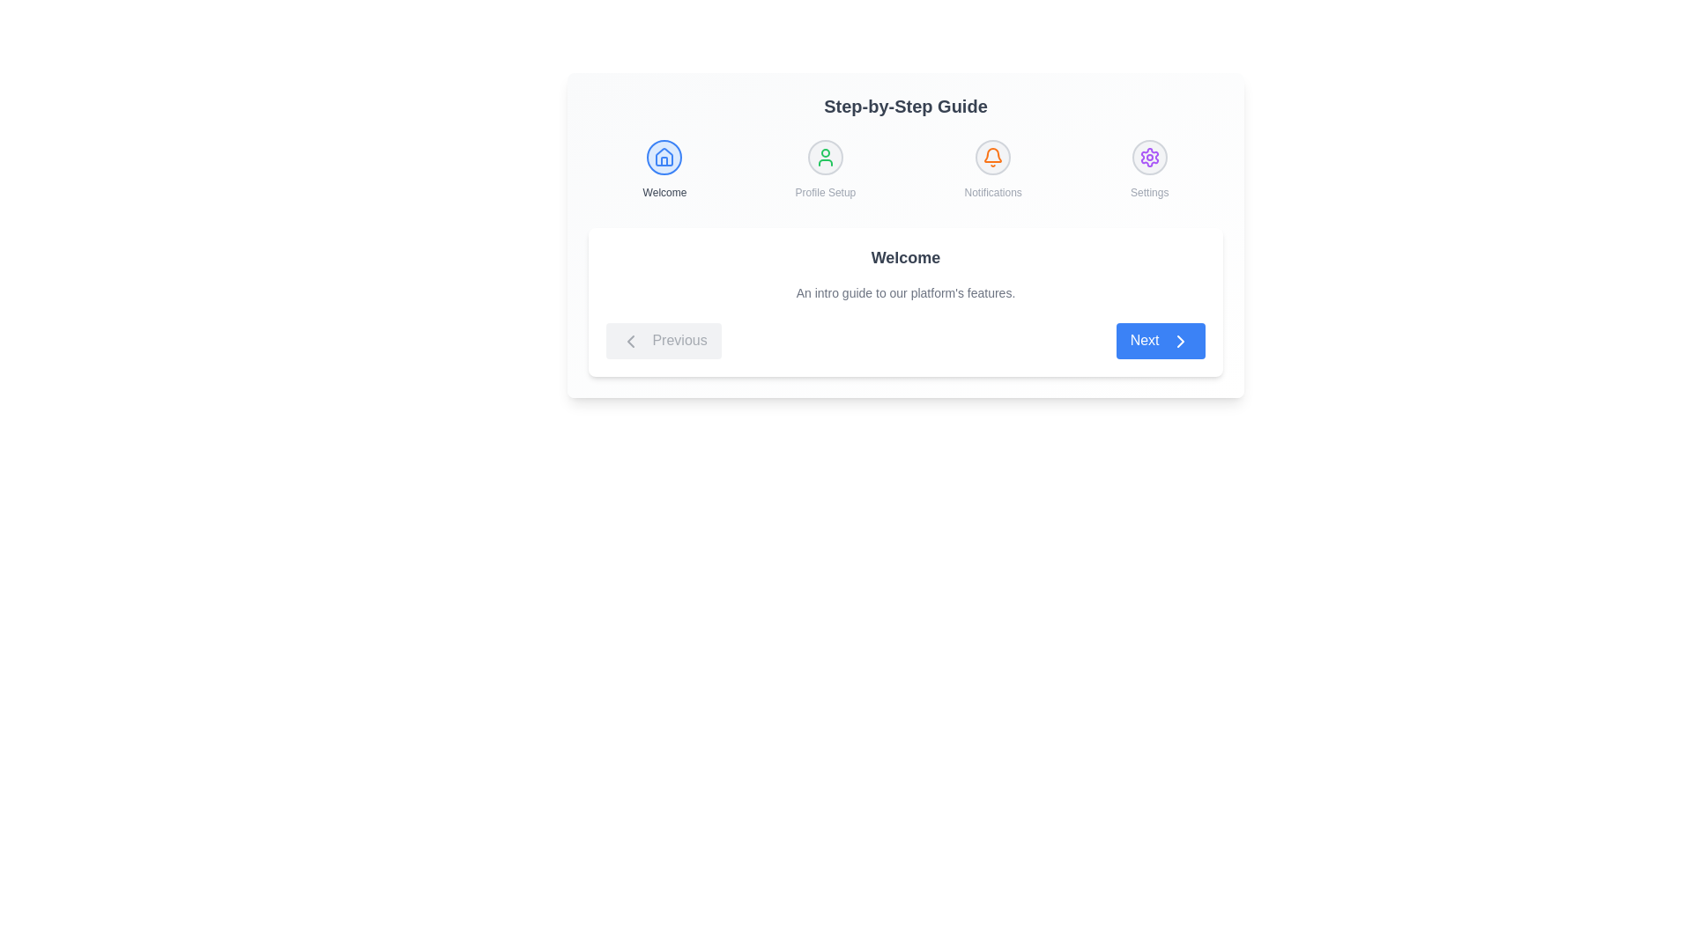  What do you see at coordinates (993, 156) in the screenshot?
I see `the notifications icon located in the guide section` at bounding box center [993, 156].